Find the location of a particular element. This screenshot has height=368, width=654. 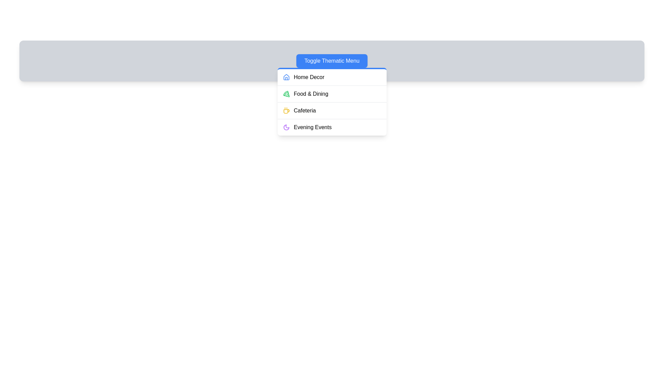

the menu item Evening Events by clicking on it is located at coordinates (332, 127).